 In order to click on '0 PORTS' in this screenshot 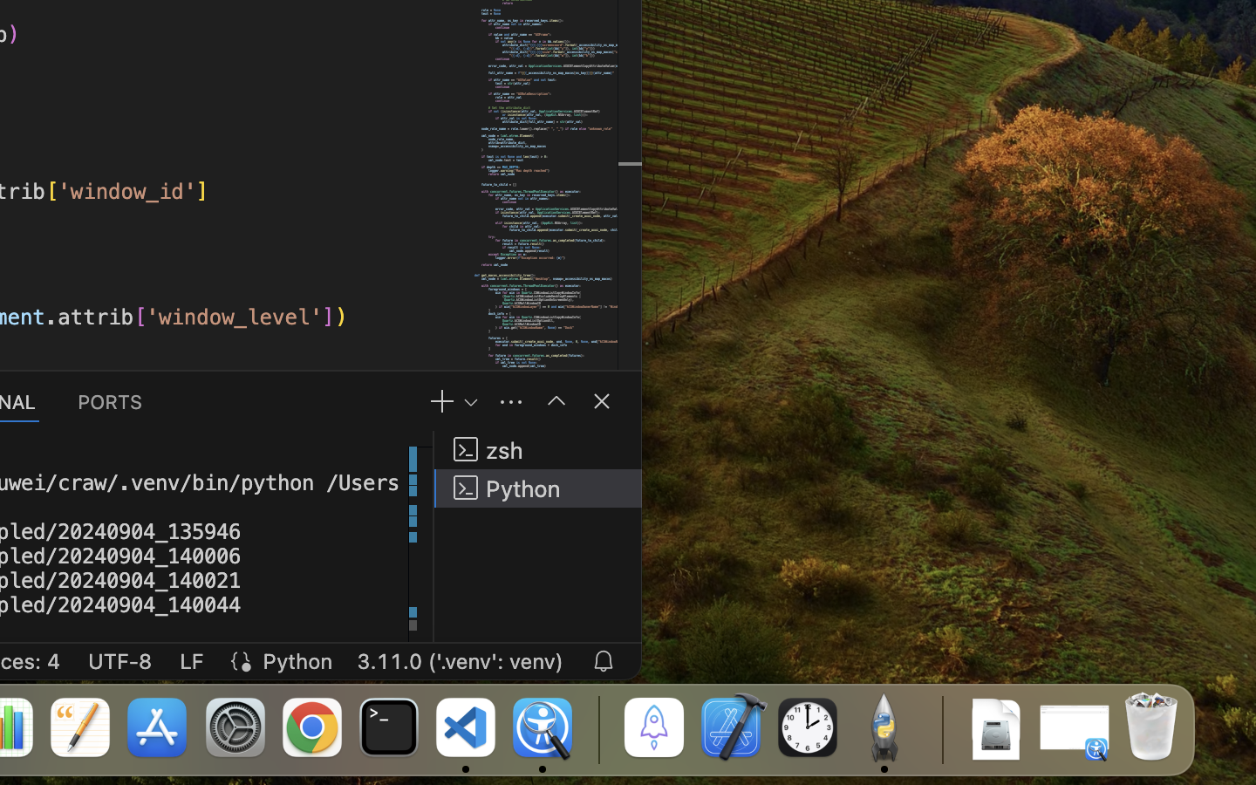, I will do `click(110, 399)`.